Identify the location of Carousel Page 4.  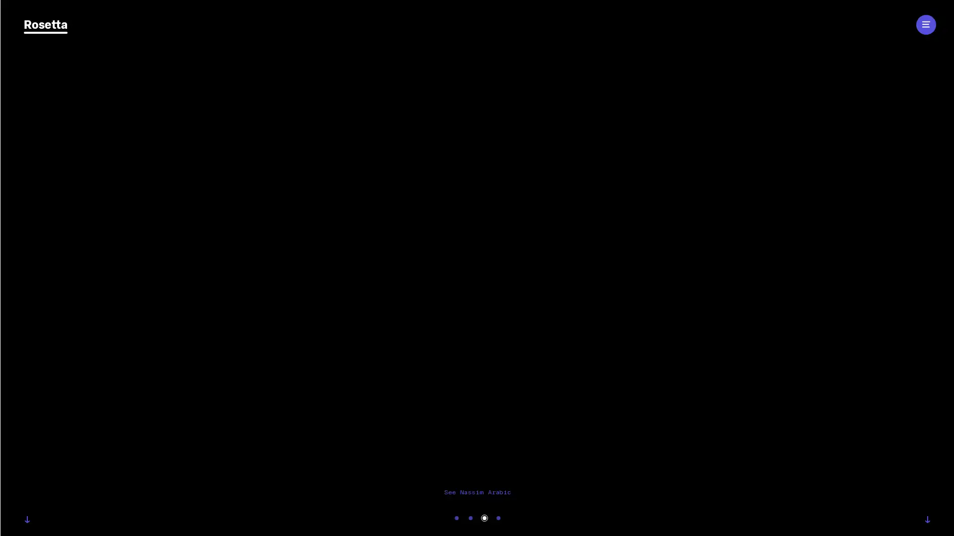
(498, 518).